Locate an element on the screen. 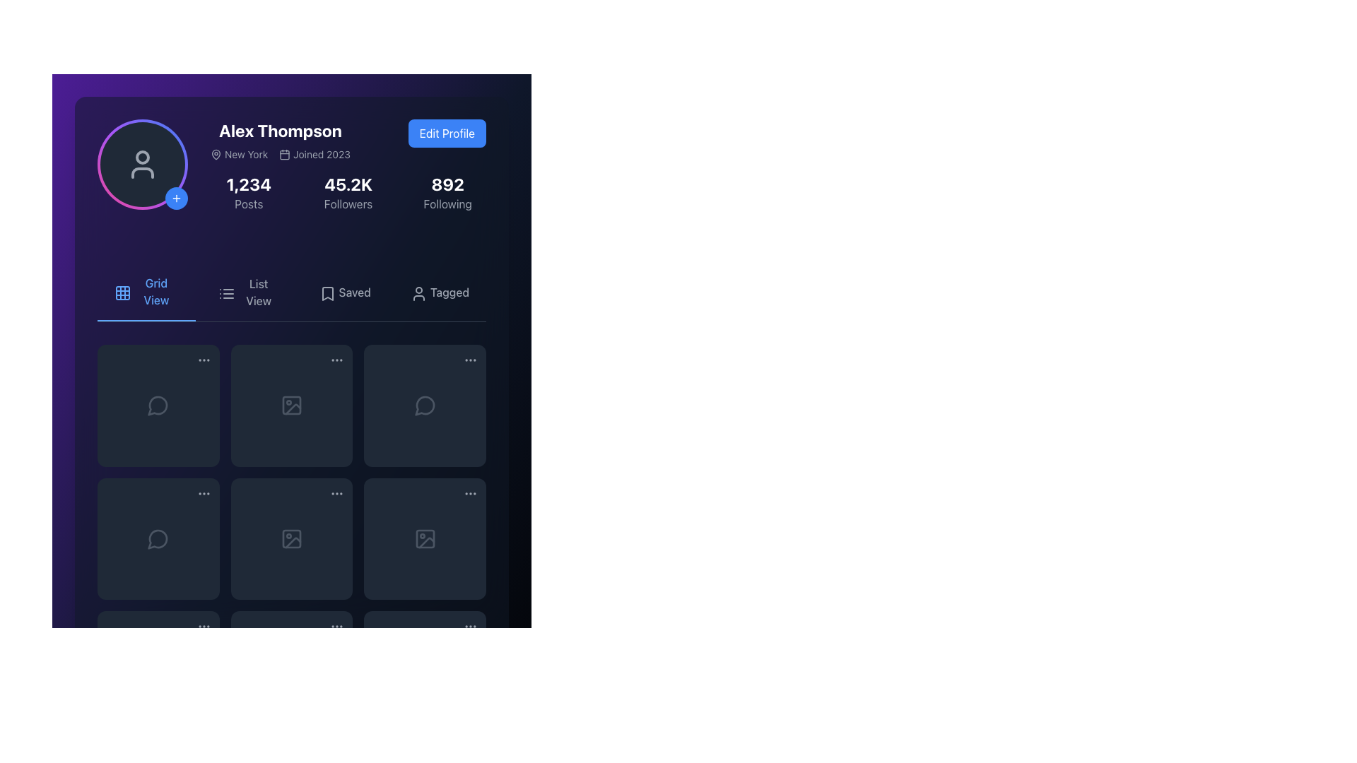  the 'List View' tab, which is a rectangular selection tab featuring a list icon on the left and the text 'List View' on the right, located next to the 'Grid View' tab is located at coordinates (249, 291).